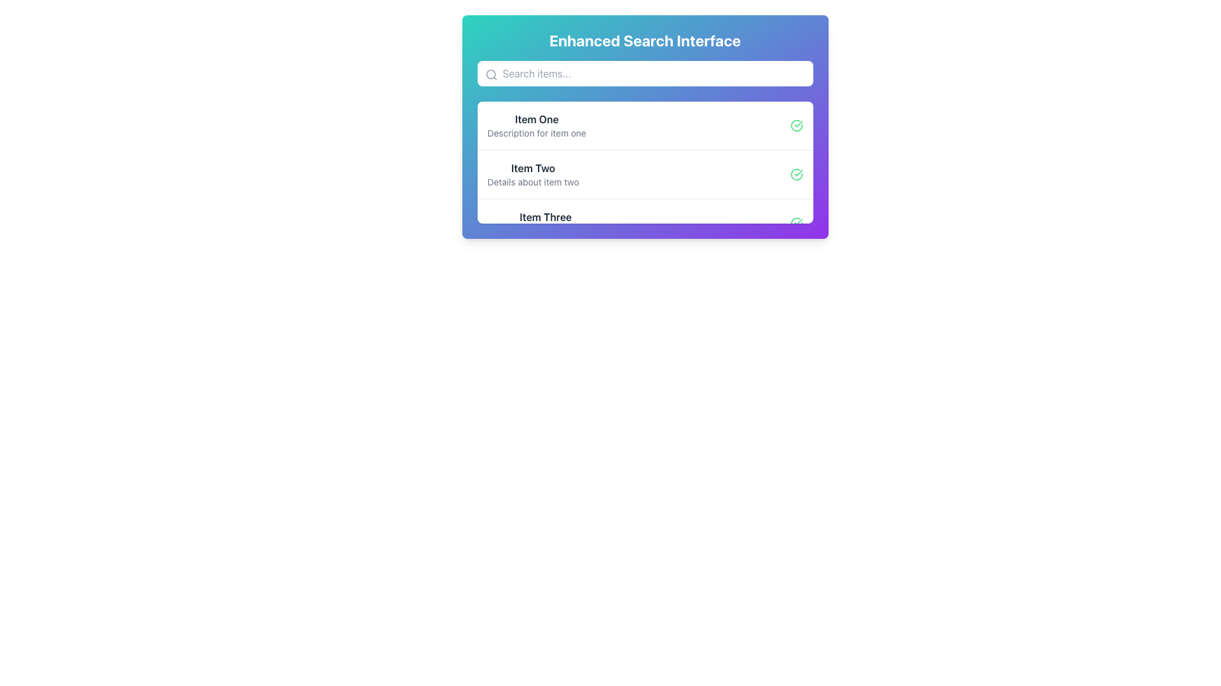  What do you see at coordinates (537, 133) in the screenshot?
I see `the informational Text label that describes 'Item One', located below the 'Item One' label in the first entry of a vertically listed group of items` at bounding box center [537, 133].